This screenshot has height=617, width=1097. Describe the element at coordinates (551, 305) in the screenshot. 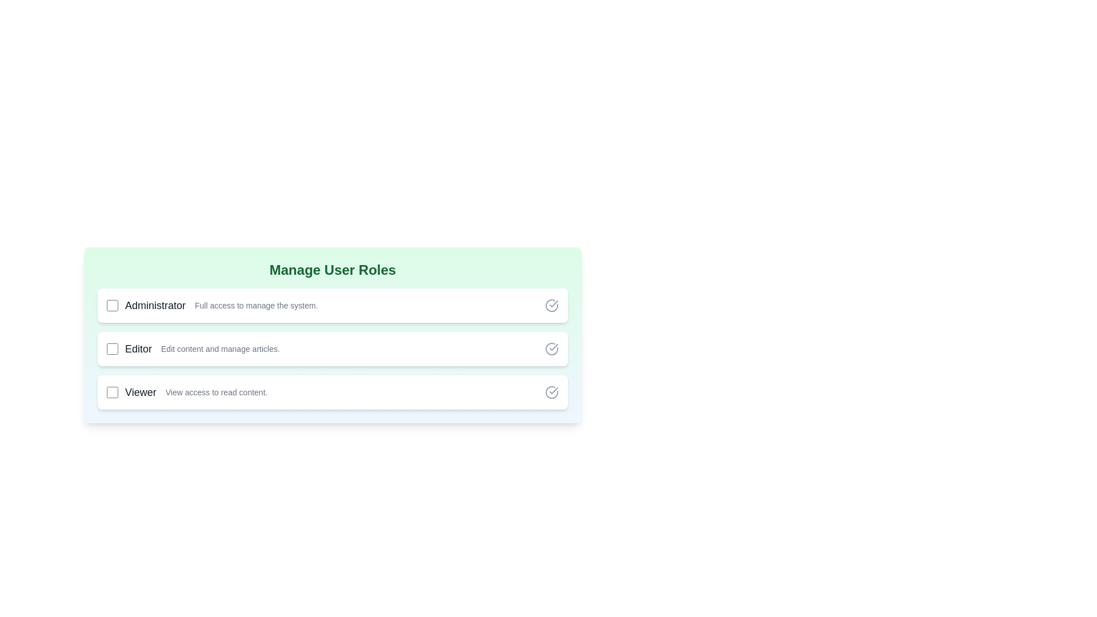

I see `the green check icon corresponding to the Administrator role` at that location.